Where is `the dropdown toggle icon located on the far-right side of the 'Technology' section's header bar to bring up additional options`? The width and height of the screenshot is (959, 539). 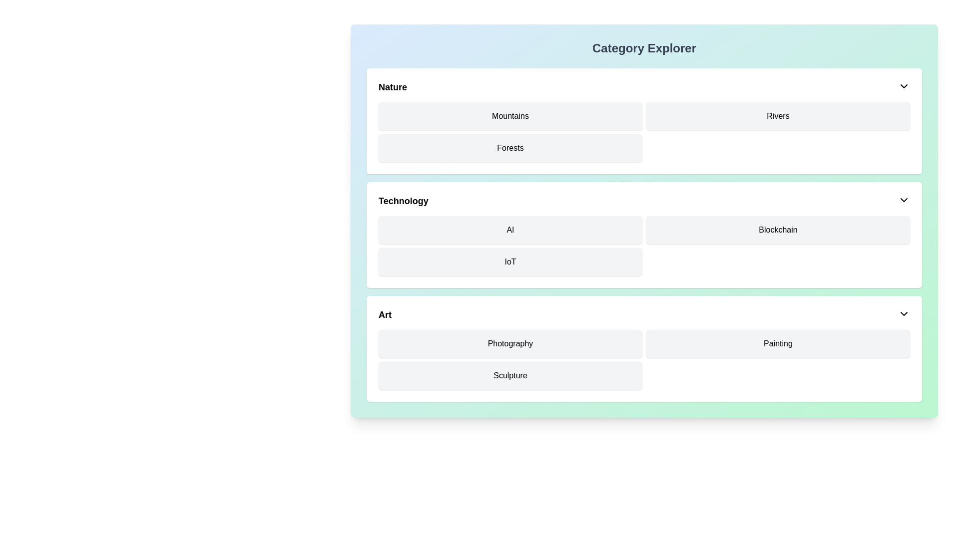 the dropdown toggle icon located on the far-right side of the 'Technology' section's header bar to bring up additional options is located at coordinates (904, 200).